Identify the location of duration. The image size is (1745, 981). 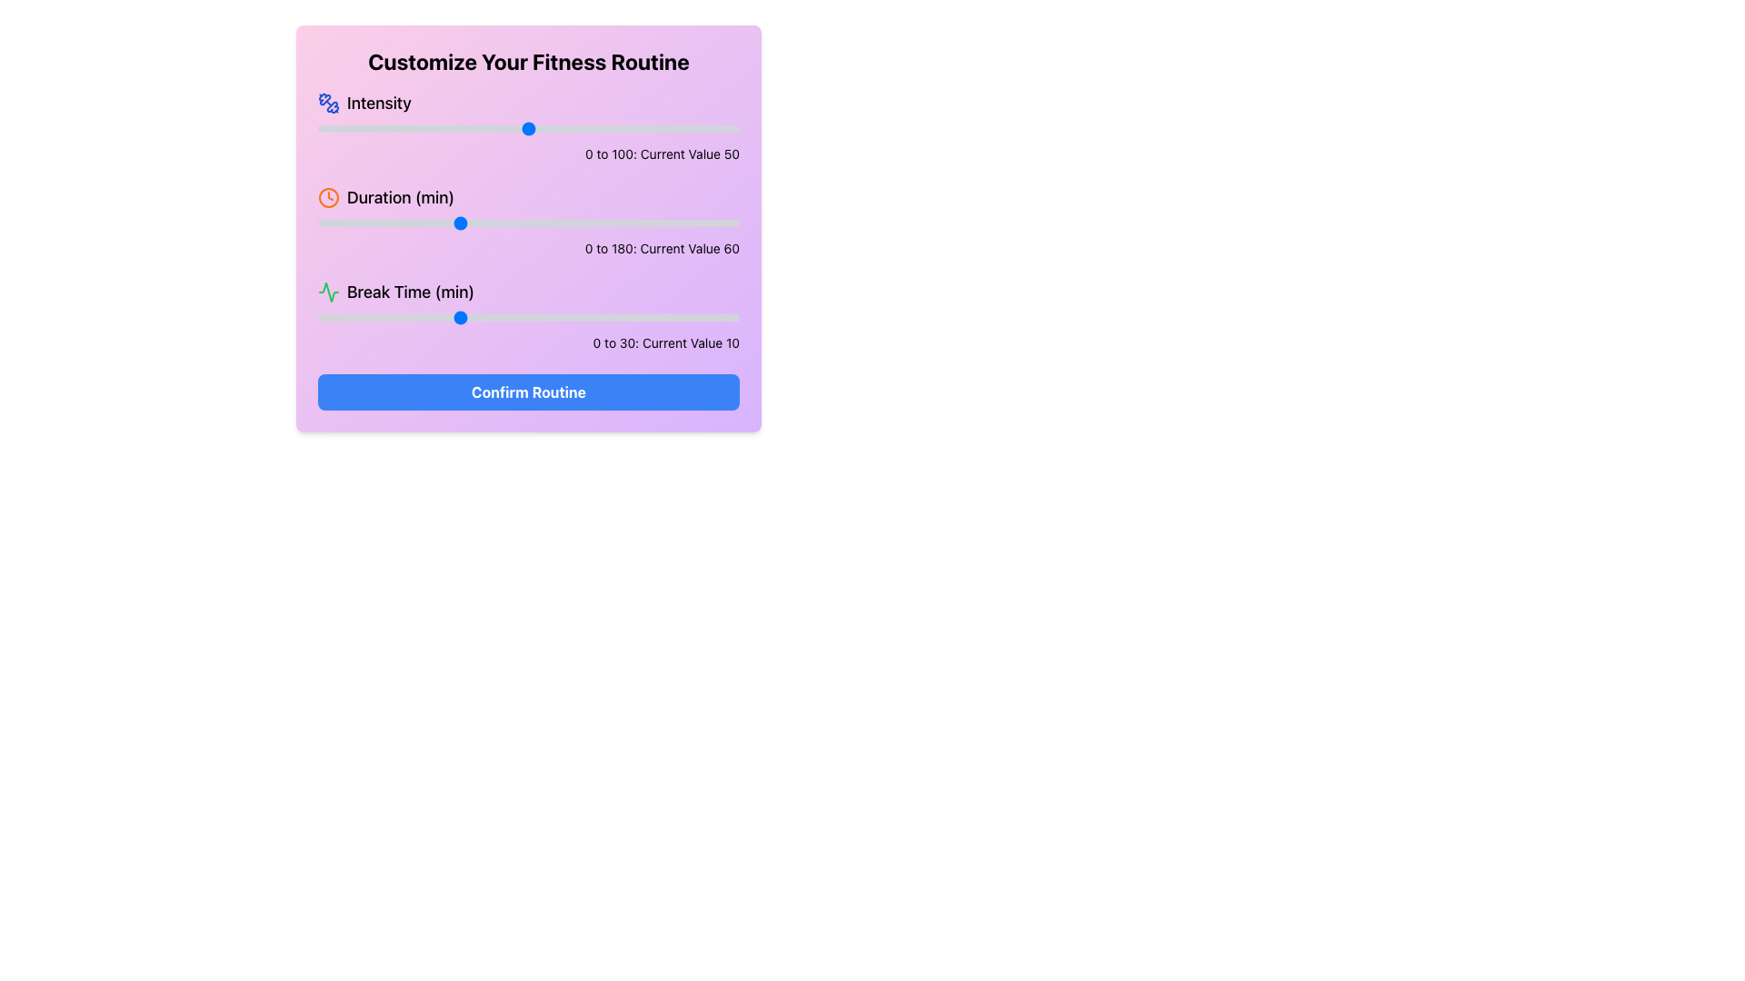
(509, 223).